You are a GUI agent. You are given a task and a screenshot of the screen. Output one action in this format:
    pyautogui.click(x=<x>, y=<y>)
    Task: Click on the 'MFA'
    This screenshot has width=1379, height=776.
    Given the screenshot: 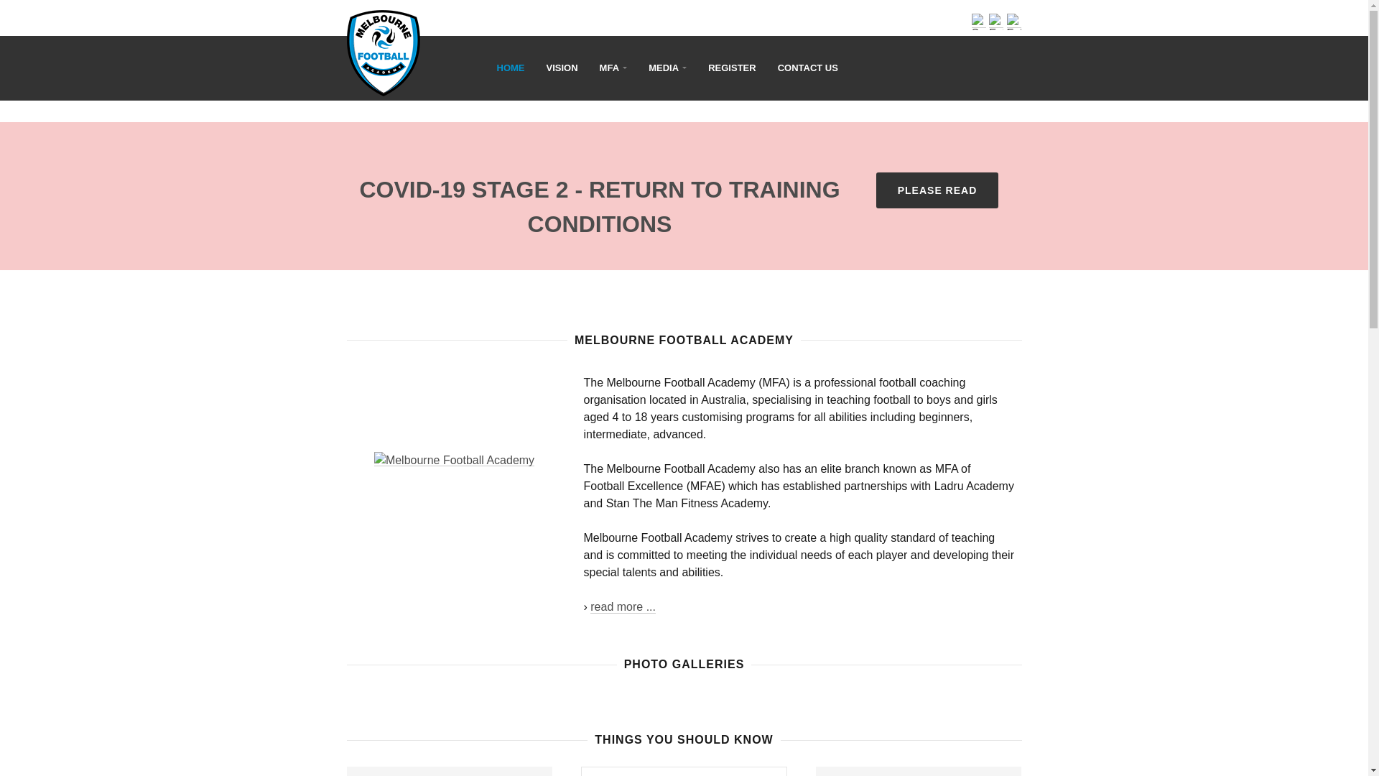 What is the action you would take?
    pyautogui.click(x=613, y=68)
    